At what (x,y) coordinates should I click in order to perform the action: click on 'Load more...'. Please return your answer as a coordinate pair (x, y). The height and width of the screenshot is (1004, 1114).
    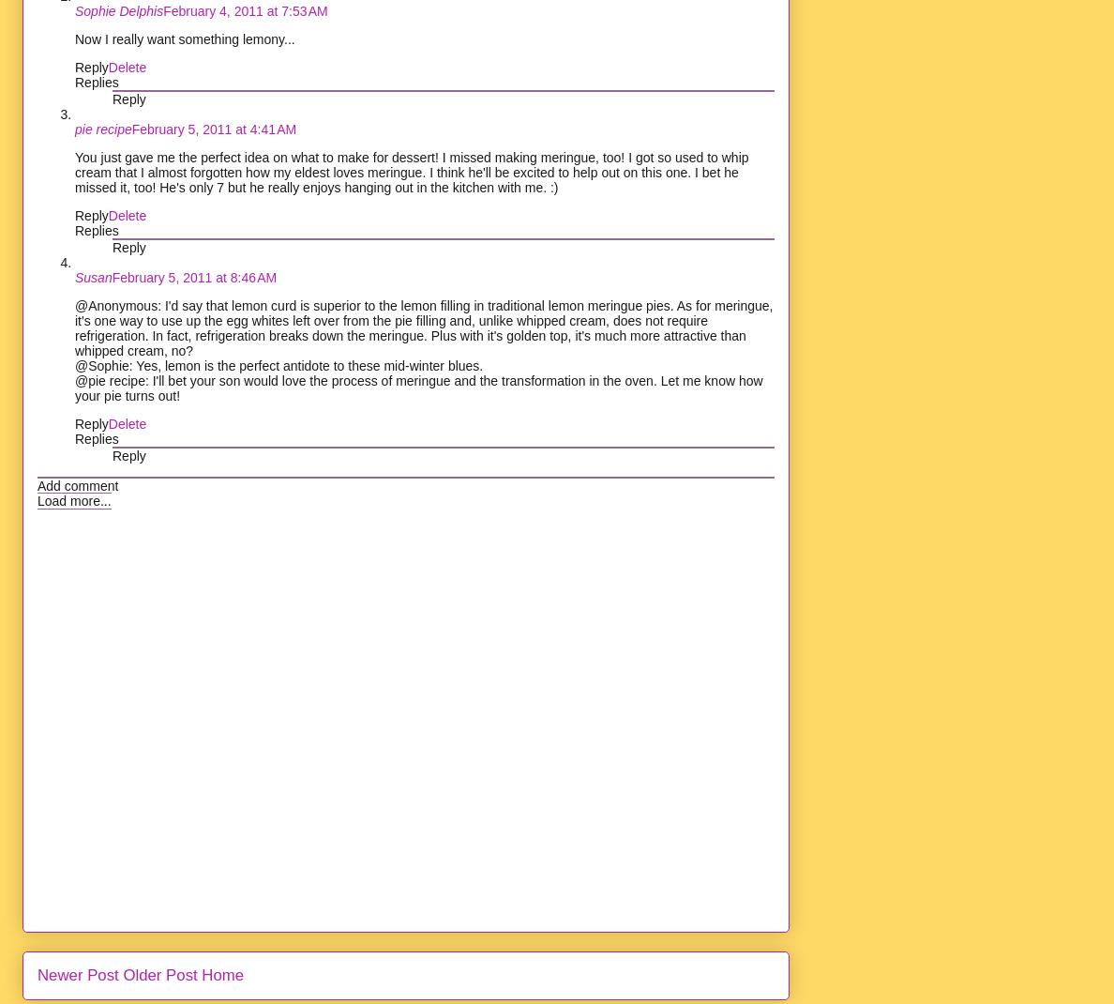
    Looking at the image, I should click on (74, 499).